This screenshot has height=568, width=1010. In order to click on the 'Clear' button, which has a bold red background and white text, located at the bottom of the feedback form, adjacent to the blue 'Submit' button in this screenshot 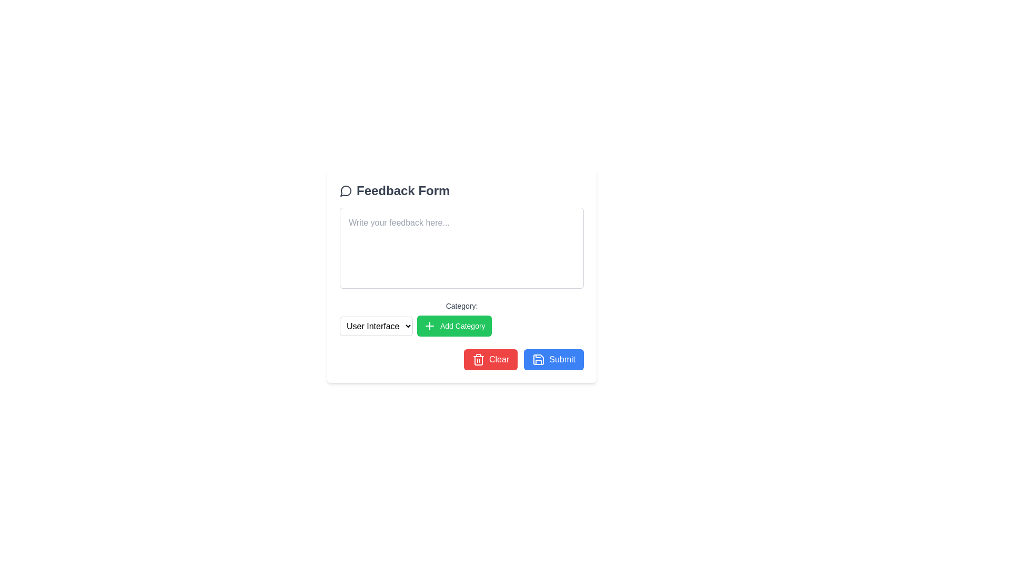, I will do `click(490, 359)`.